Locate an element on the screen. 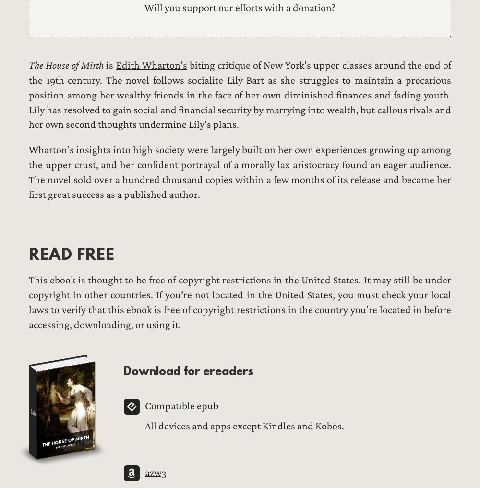 The width and height of the screenshot is (480, 488). 'biting critique of New York’s upper classes around the end of the 19th century. The novel follows socialite Lily Bart as she struggles to maintain a precarious position among her wealthy friends in the face of her own diminished finances and fading youth. Lily has resolved to gain social and financial security by marrying into wealth, but callous rivals and her own second thoughts undermine Lily’s plans.' is located at coordinates (240, 95).